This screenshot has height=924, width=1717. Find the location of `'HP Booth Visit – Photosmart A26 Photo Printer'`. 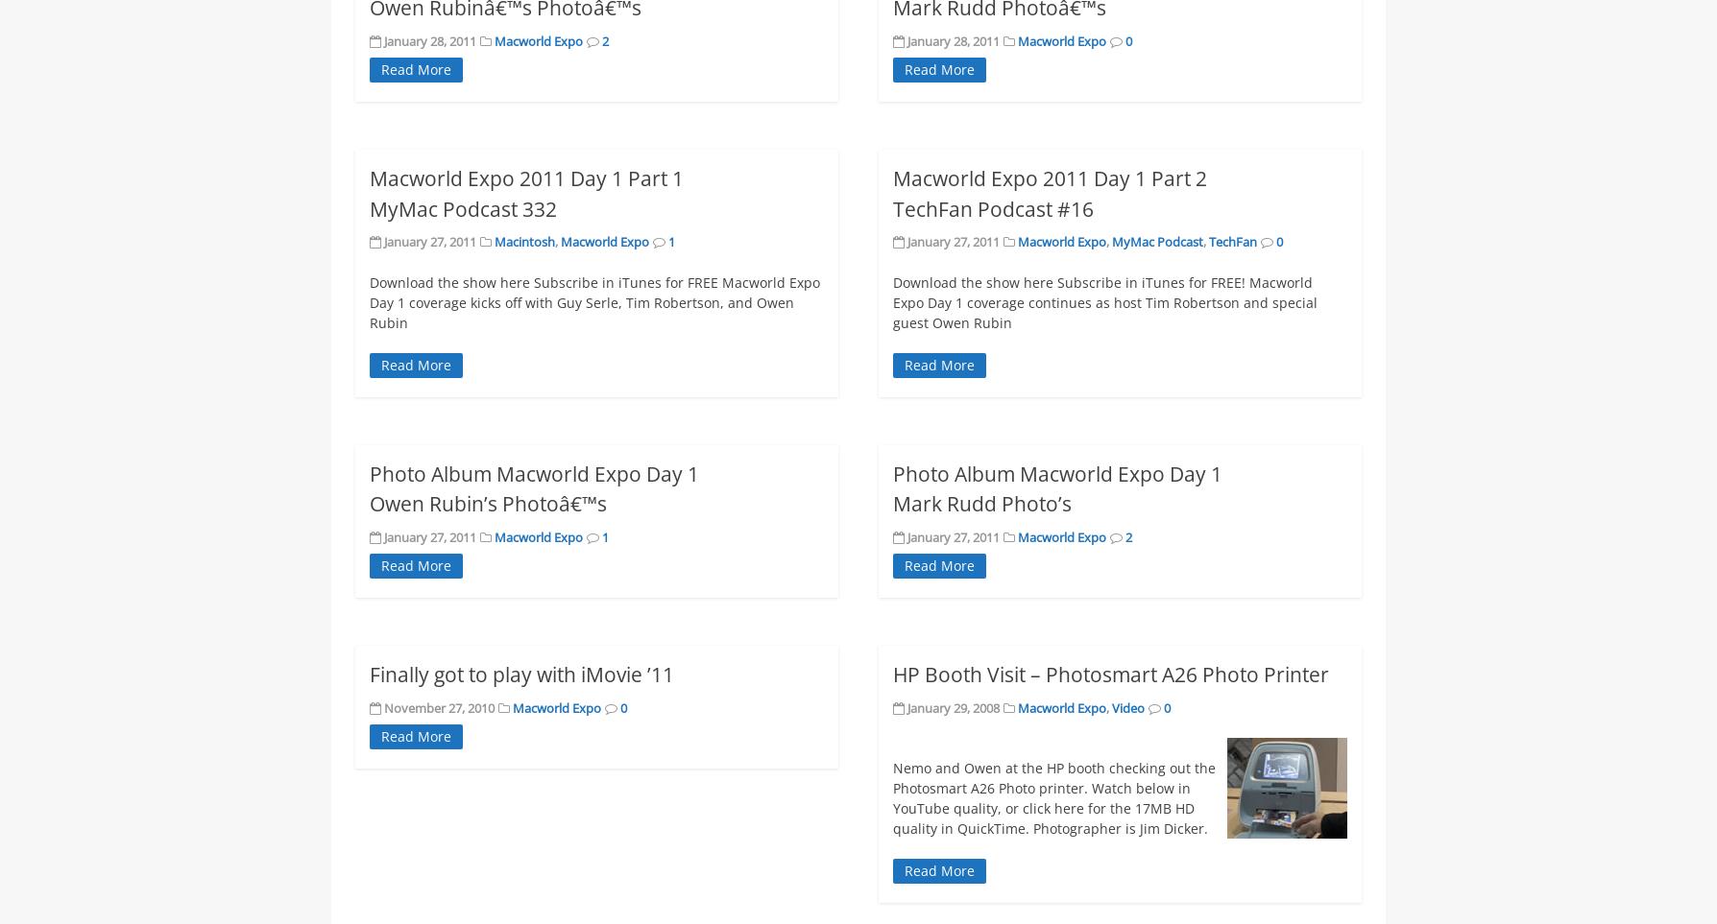

'HP Booth Visit – Photosmart A26 Photo Printer' is located at coordinates (1108, 673).